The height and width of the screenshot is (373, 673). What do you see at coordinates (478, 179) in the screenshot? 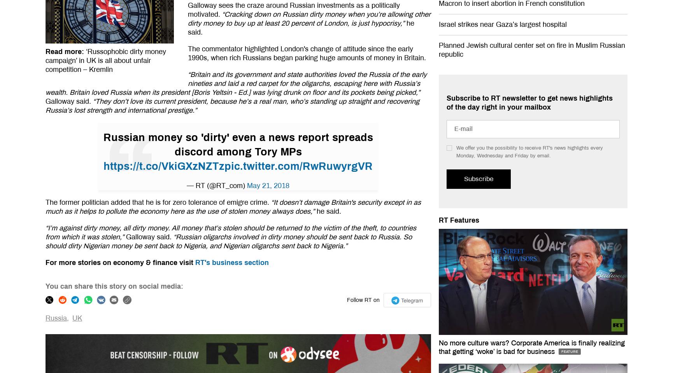
I see `'Subscribe'` at bounding box center [478, 179].